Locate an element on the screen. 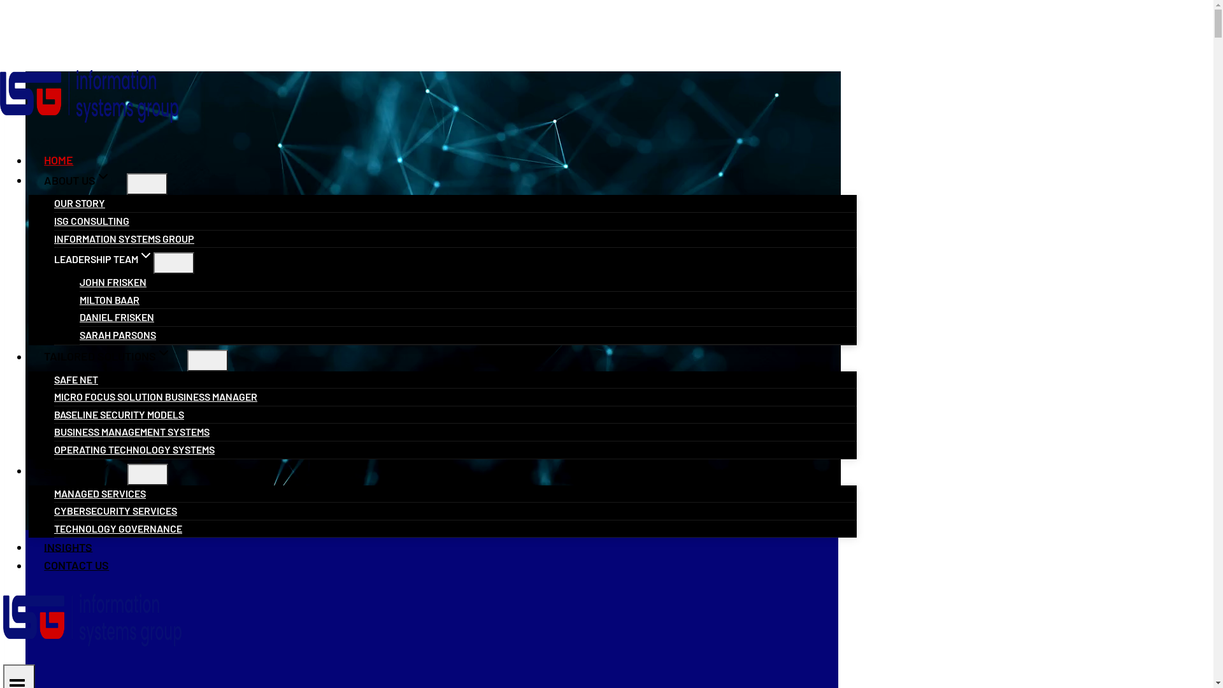 The height and width of the screenshot is (688, 1223). 'CYBERSECURITY SERVICES' is located at coordinates (115, 510).